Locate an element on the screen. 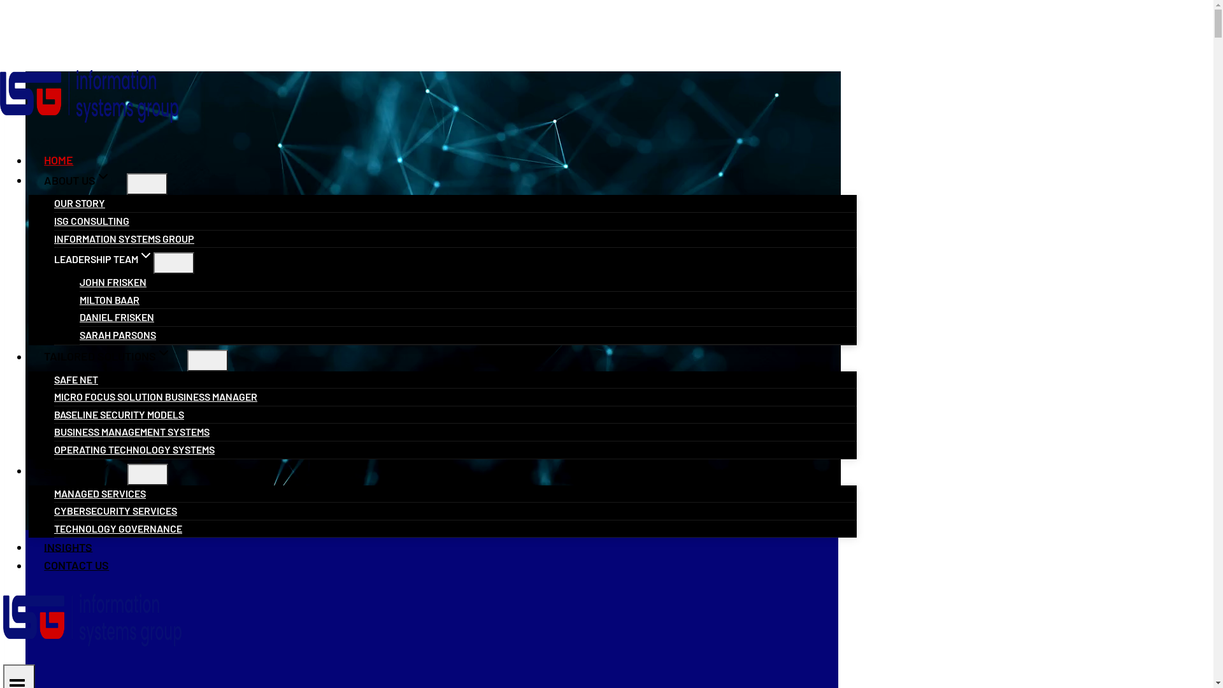 The height and width of the screenshot is (688, 1223). 'CYBERSECURITY SERVICES' is located at coordinates (115, 510).